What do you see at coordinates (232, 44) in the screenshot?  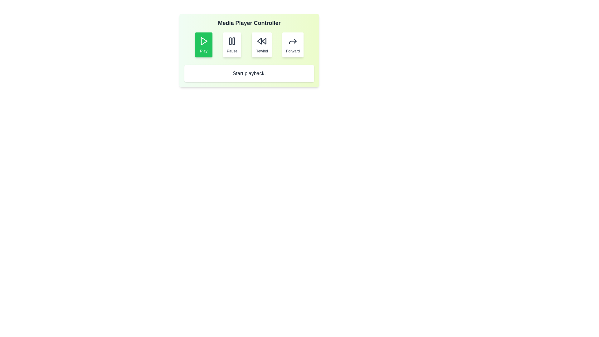 I see `the Pause button to perform the corresponding playback action` at bounding box center [232, 44].